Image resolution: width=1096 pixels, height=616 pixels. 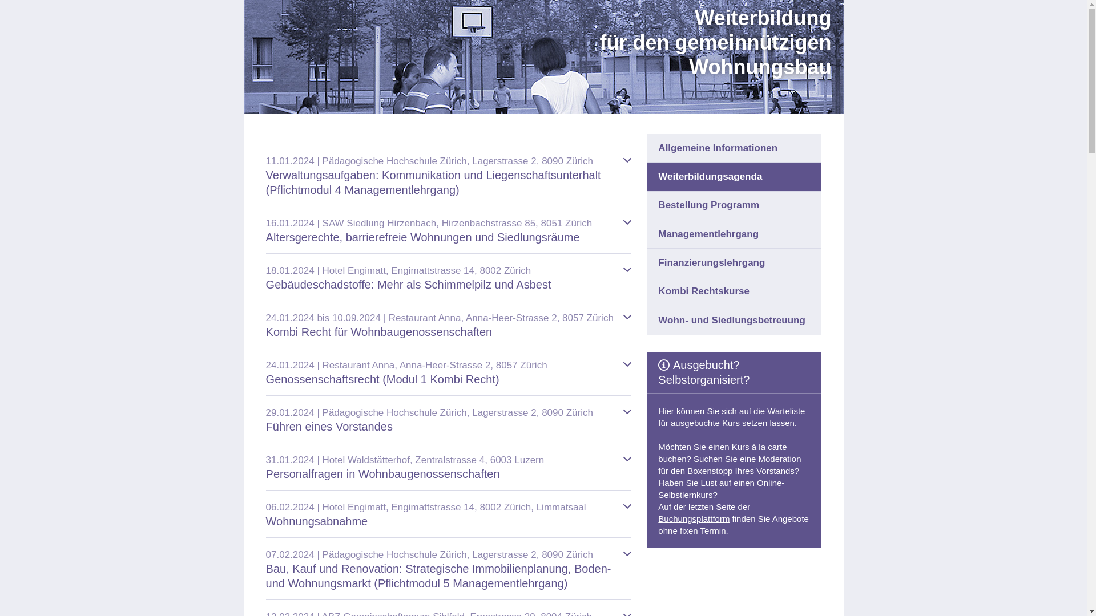 I want to click on 'Hier ', so click(x=667, y=411).